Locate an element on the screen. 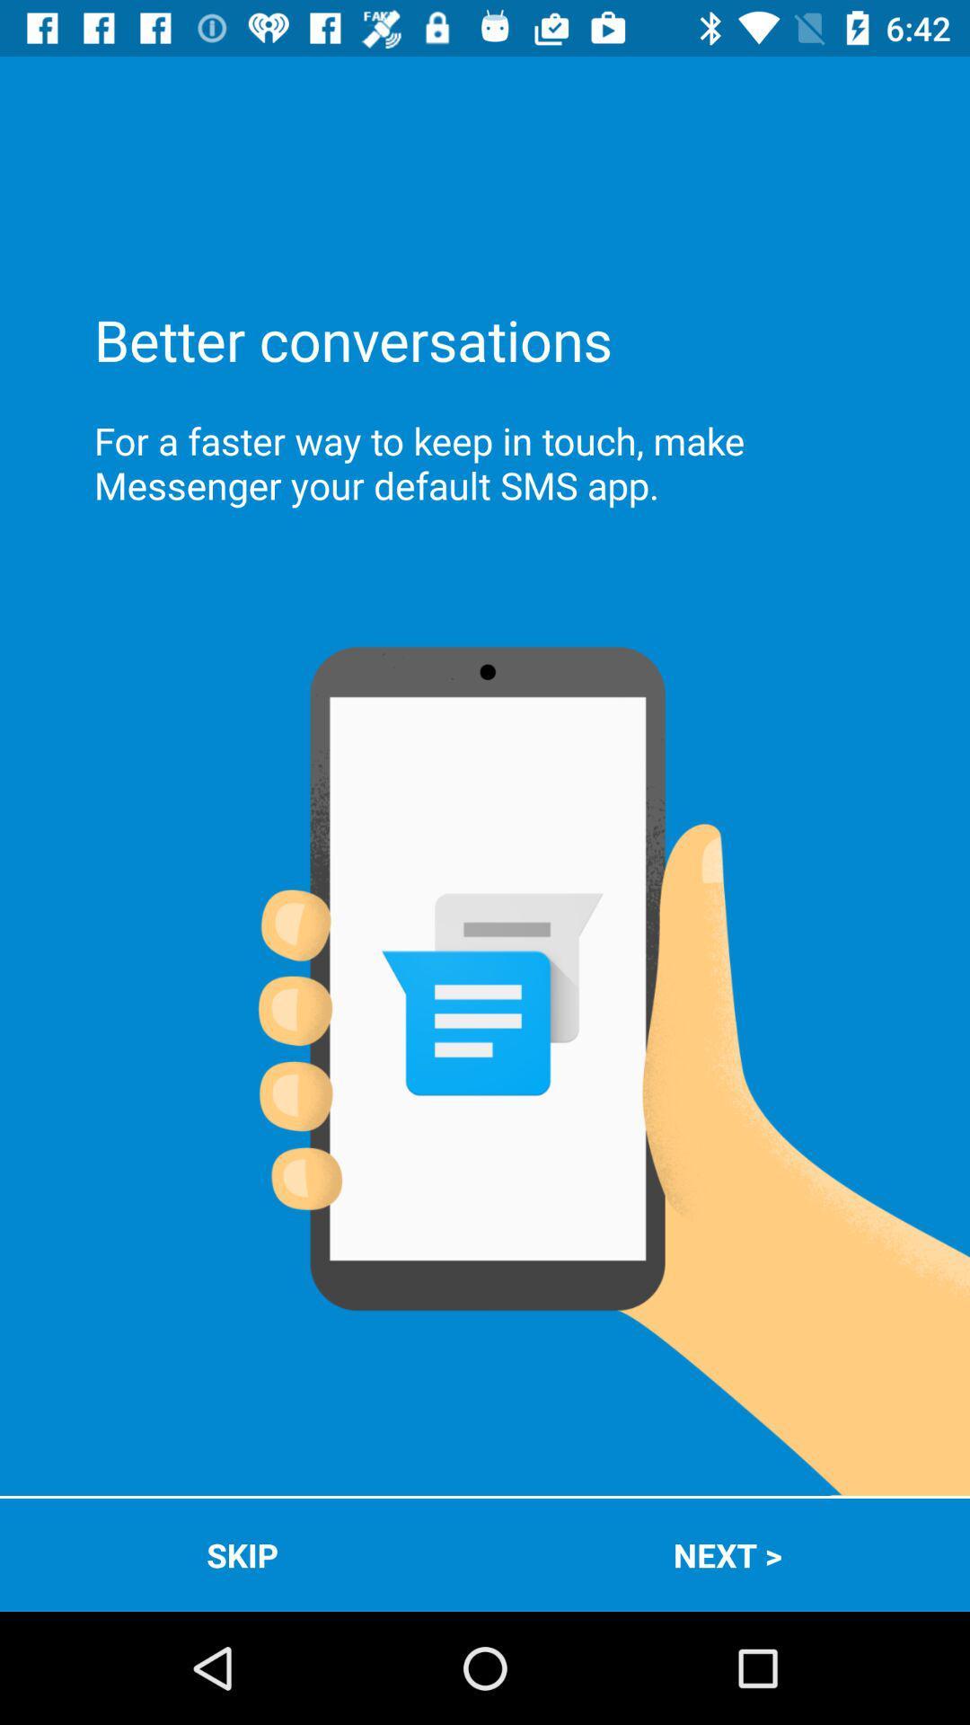  the skip app is located at coordinates (242, 1554).